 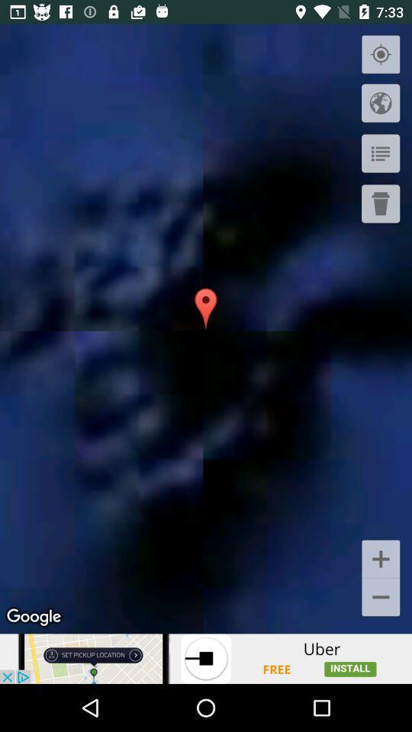 What do you see at coordinates (380, 557) in the screenshot?
I see `the add icon` at bounding box center [380, 557].